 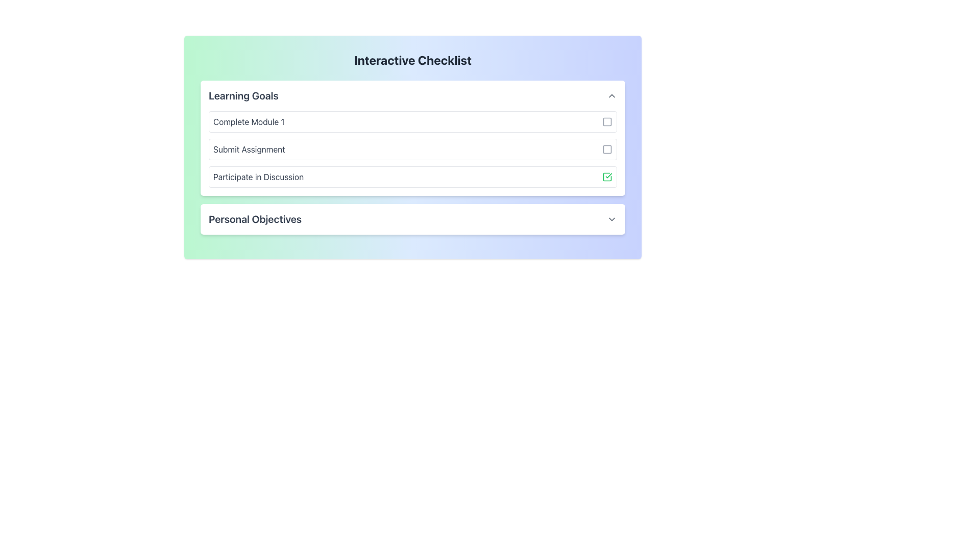 I want to click on the checklist panel with a gradient background to mark tasks as complete, so click(x=413, y=147).